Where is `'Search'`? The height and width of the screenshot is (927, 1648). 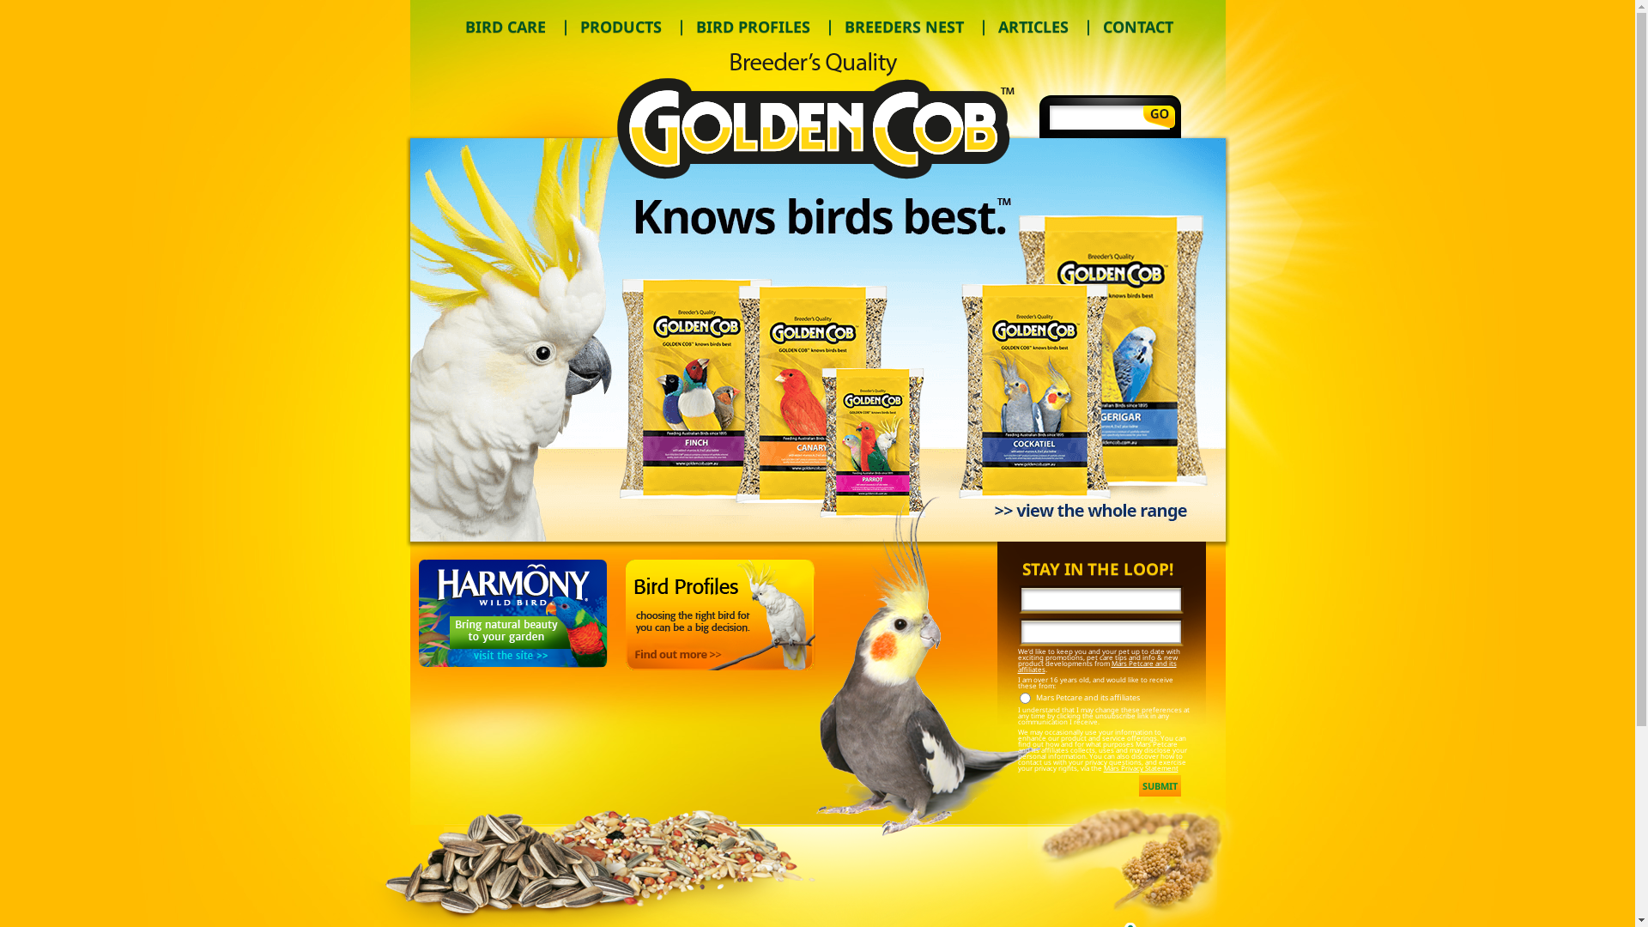 'Search' is located at coordinates (1049, 117).